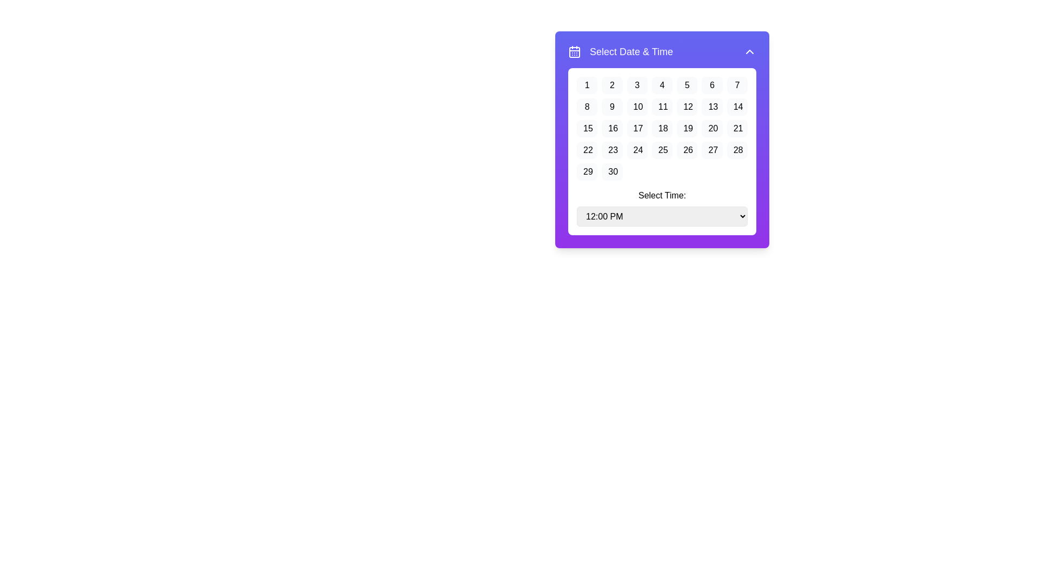 This screenshot has height=584, width=1038. Describe the element at coordinates (661, 196) in the screenshot. I see `the label that reads 'Select Time:', which is displayed in bold black font above a dropdown menu` at that location.